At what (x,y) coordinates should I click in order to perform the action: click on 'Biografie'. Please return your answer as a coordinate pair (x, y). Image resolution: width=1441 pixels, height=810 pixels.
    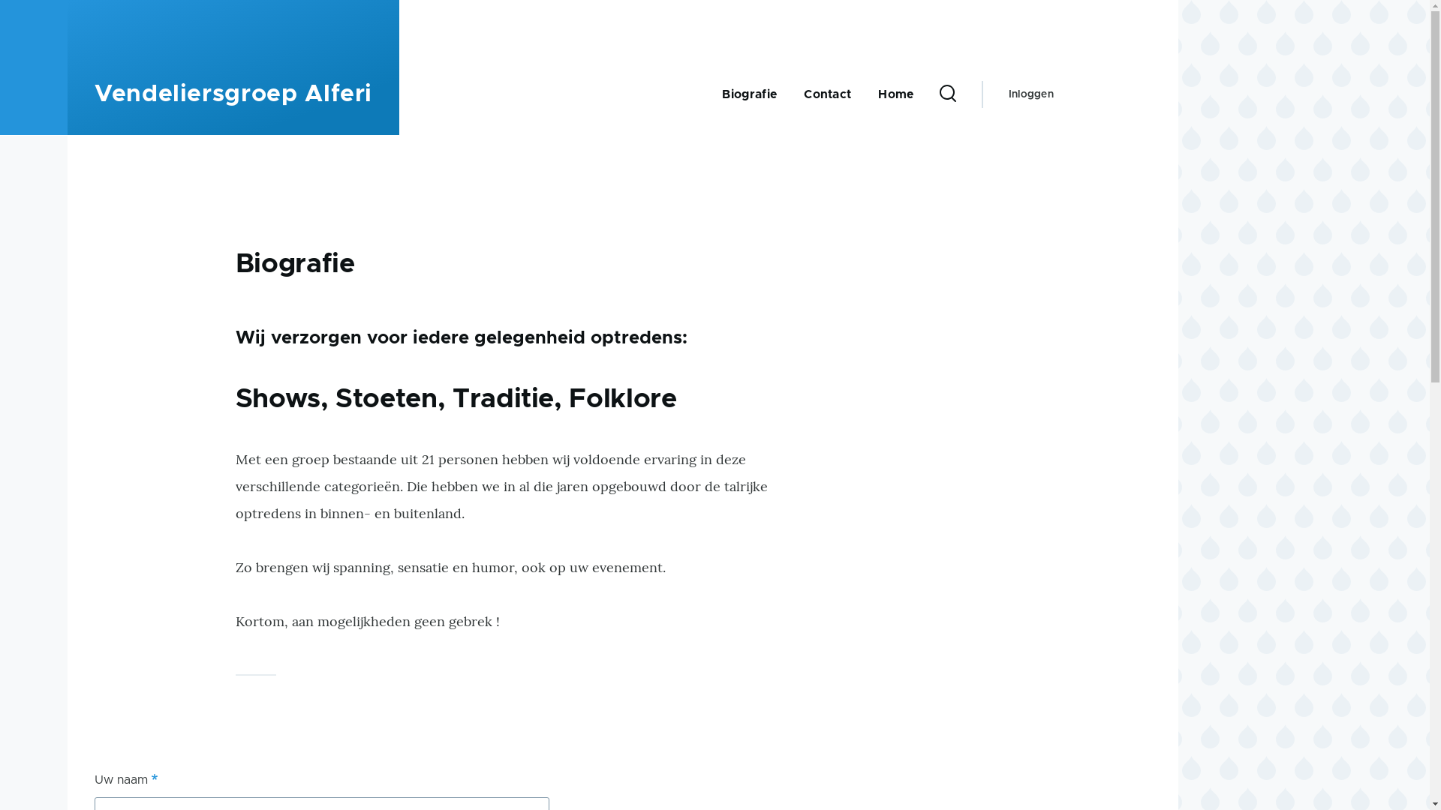
    Looking at the image, I should click on (295, 264).